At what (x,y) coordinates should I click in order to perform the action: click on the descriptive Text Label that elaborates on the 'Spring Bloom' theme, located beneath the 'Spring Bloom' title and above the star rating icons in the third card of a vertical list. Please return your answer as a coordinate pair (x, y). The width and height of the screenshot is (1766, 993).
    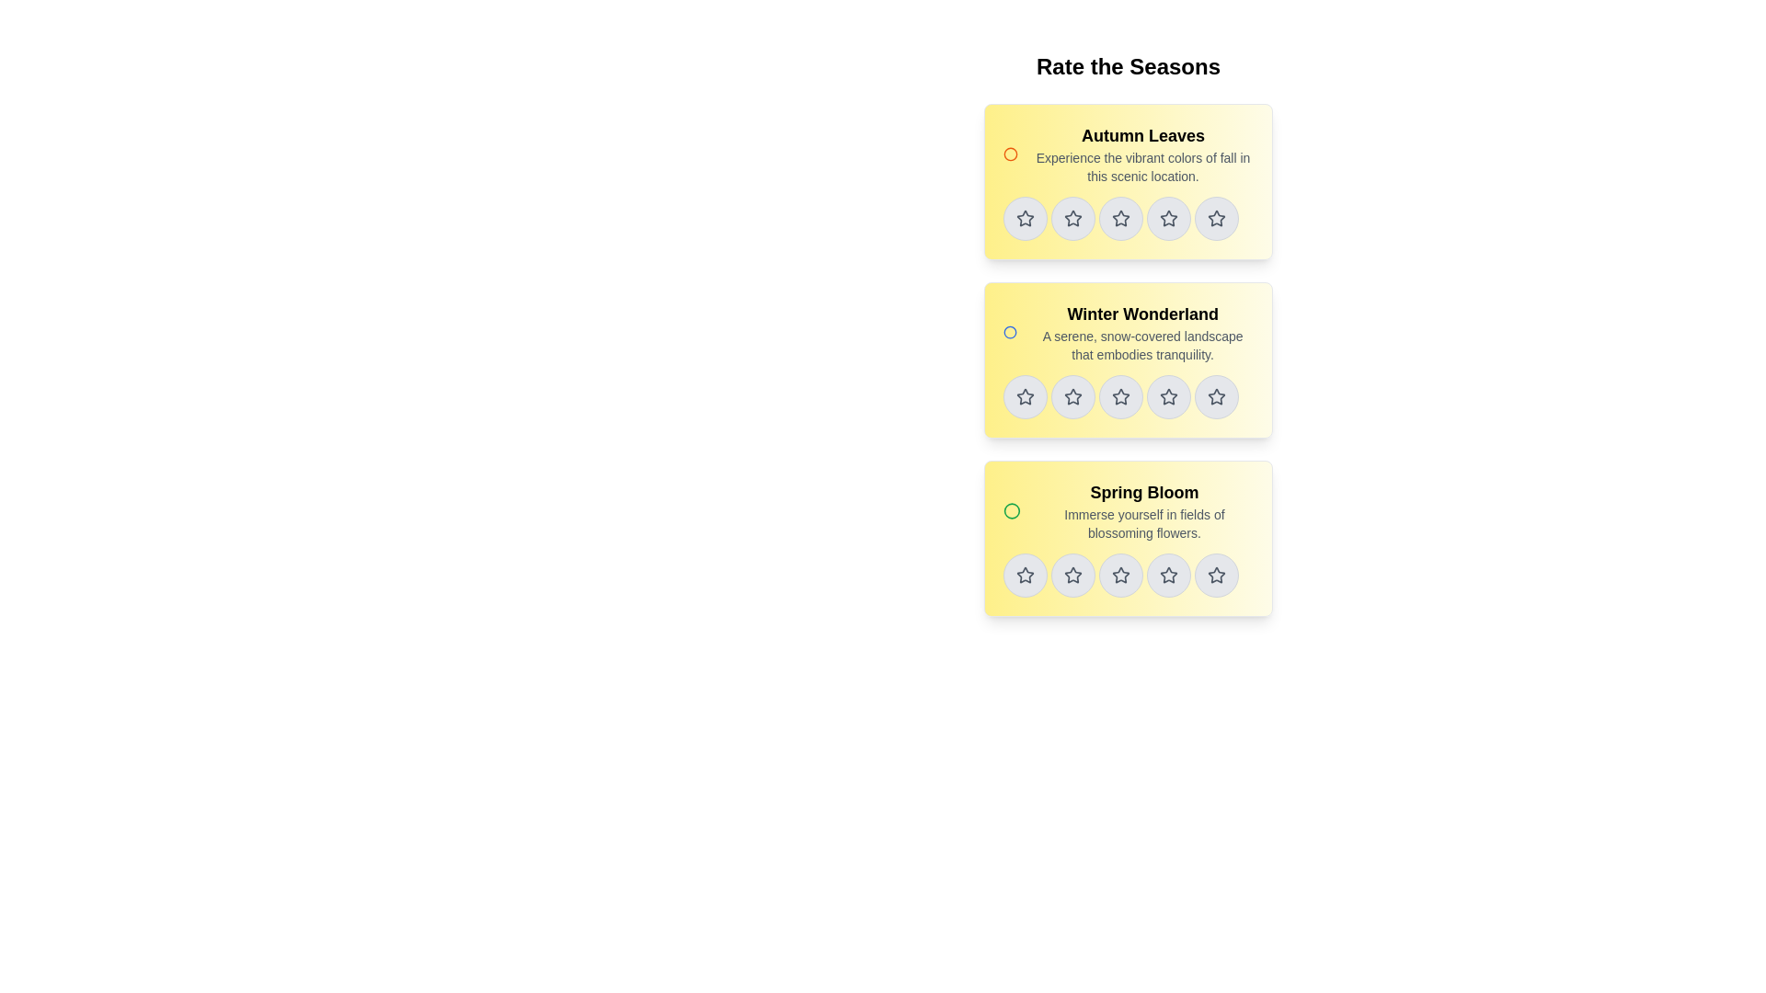
    Looking at the image, I should click on (1143, 524).